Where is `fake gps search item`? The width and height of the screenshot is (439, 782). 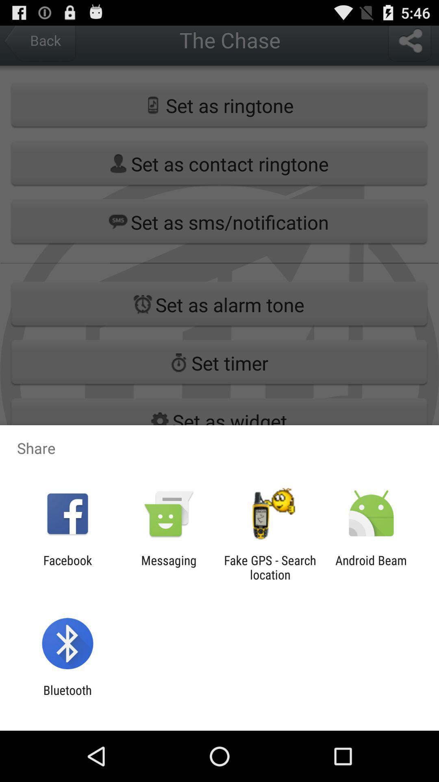 fake gps search item is located at coordinates (270, 567).